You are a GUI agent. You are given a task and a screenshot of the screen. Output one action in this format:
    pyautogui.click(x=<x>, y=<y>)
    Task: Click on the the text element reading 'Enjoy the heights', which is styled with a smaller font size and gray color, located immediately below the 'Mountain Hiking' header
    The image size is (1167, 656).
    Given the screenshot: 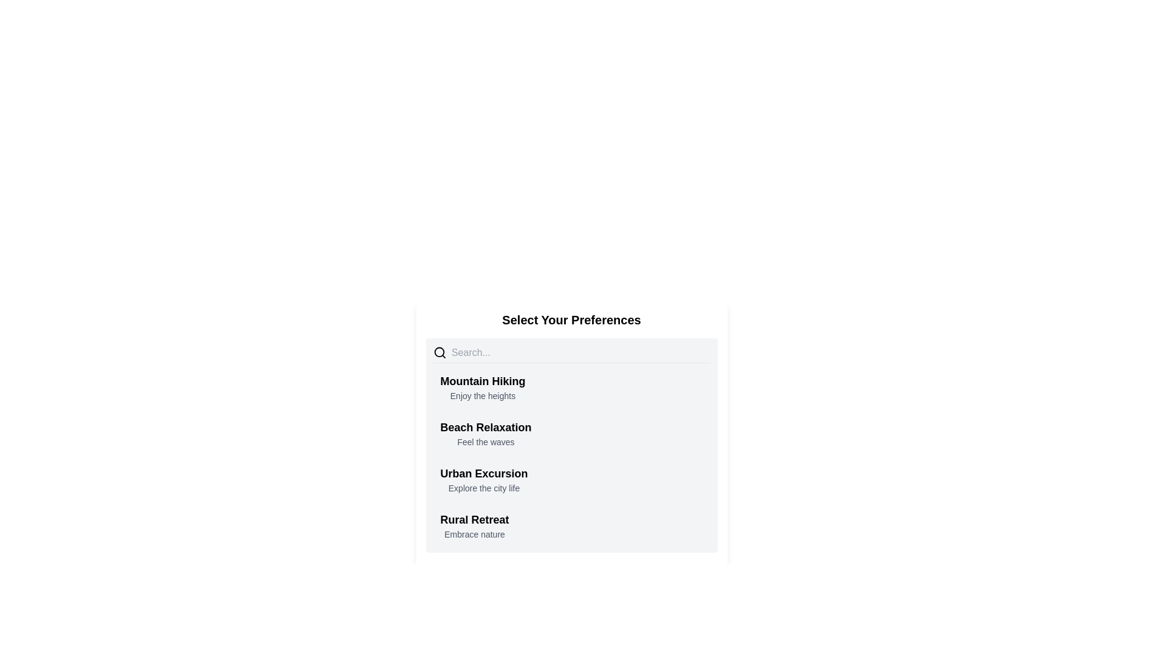 What is the action you would take?
    pyautogui.click(x=482, y=395)
    